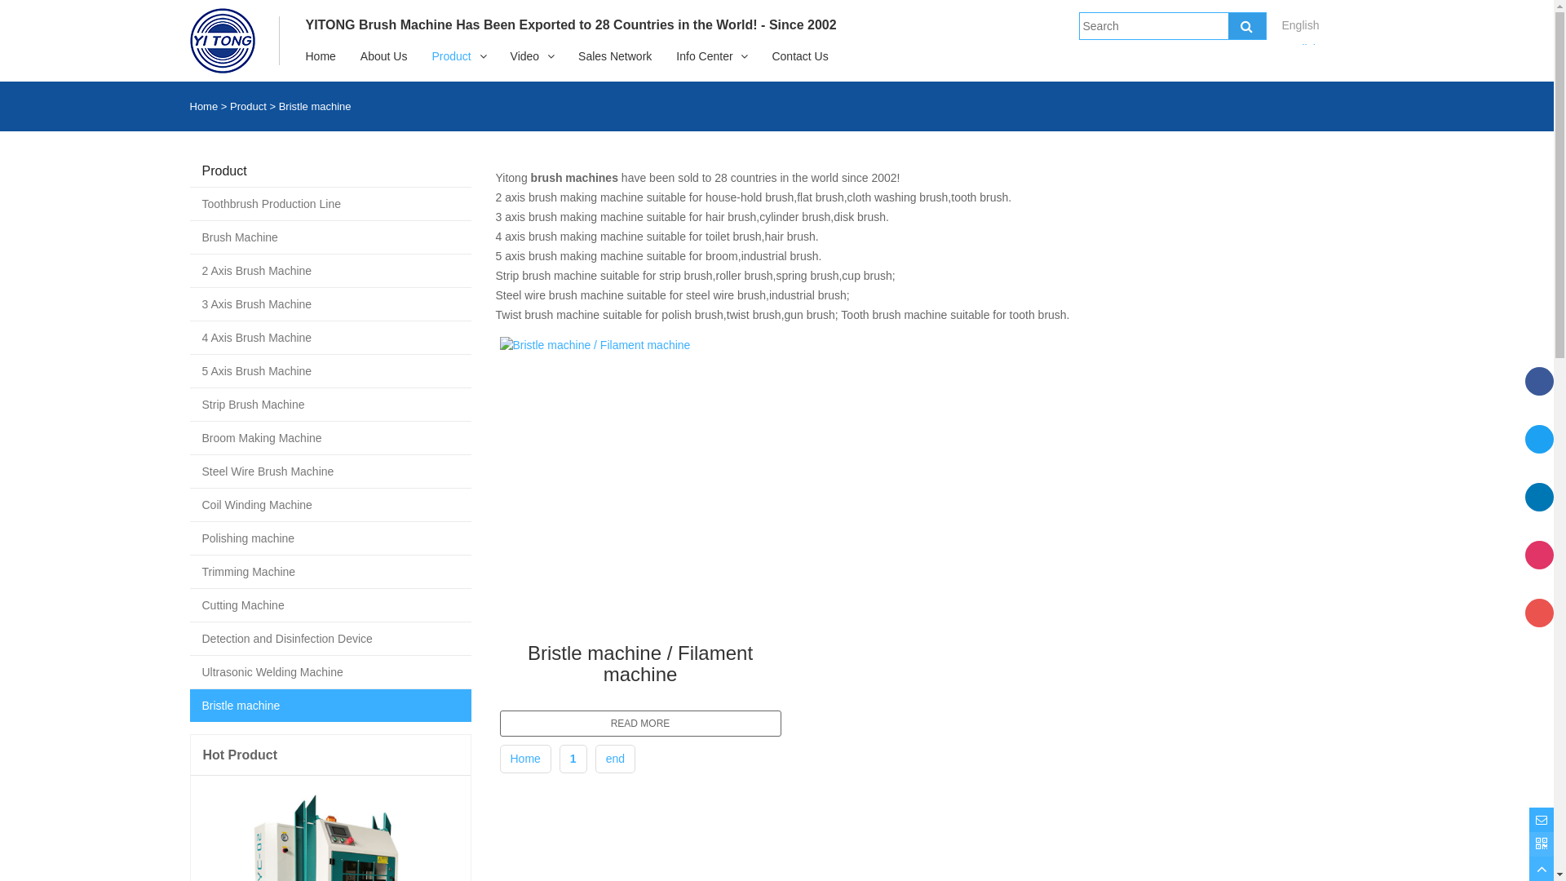  Describe the element at coordinates (613, 55) in the screenshot. I see `'Sales Network'` at that location.